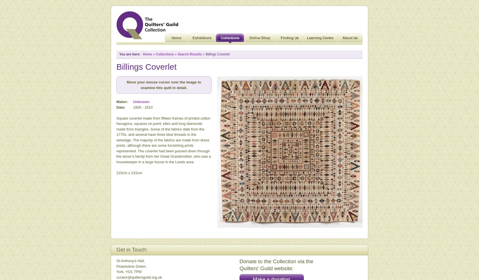  What do you see at coordinates (119, 54) in the screenshot?
I see `'You are here:'` at bounding box center [119, 54].